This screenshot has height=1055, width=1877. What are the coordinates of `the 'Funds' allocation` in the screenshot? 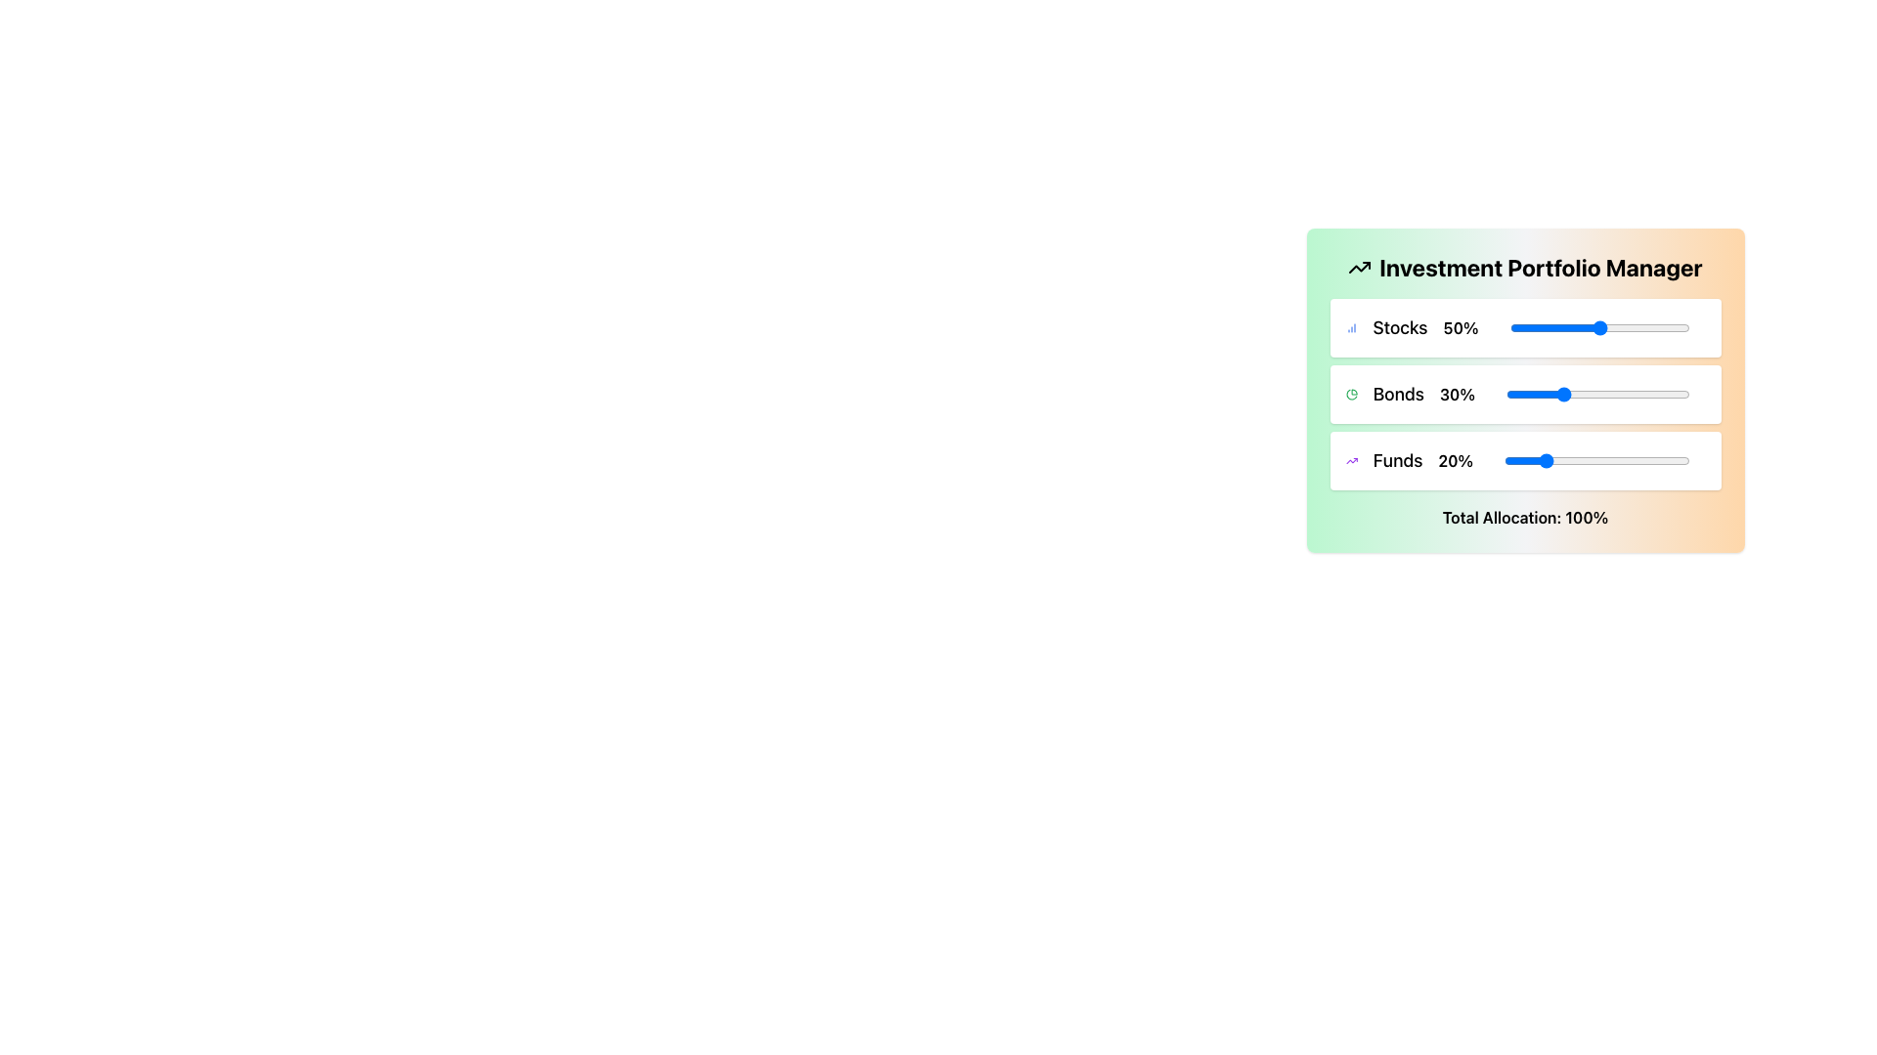 It's located at (1541, 460).